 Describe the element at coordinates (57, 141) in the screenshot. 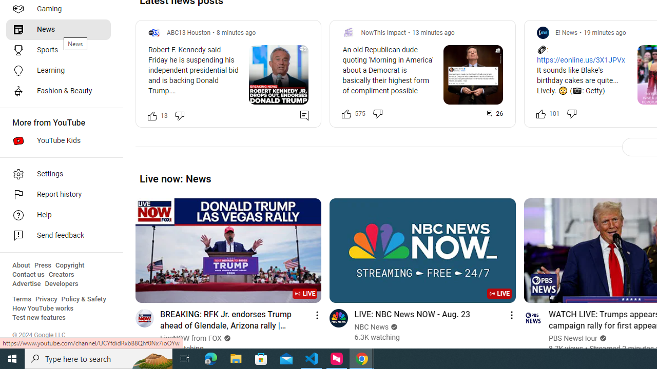

I see `'YouTube Kids'` at that location.